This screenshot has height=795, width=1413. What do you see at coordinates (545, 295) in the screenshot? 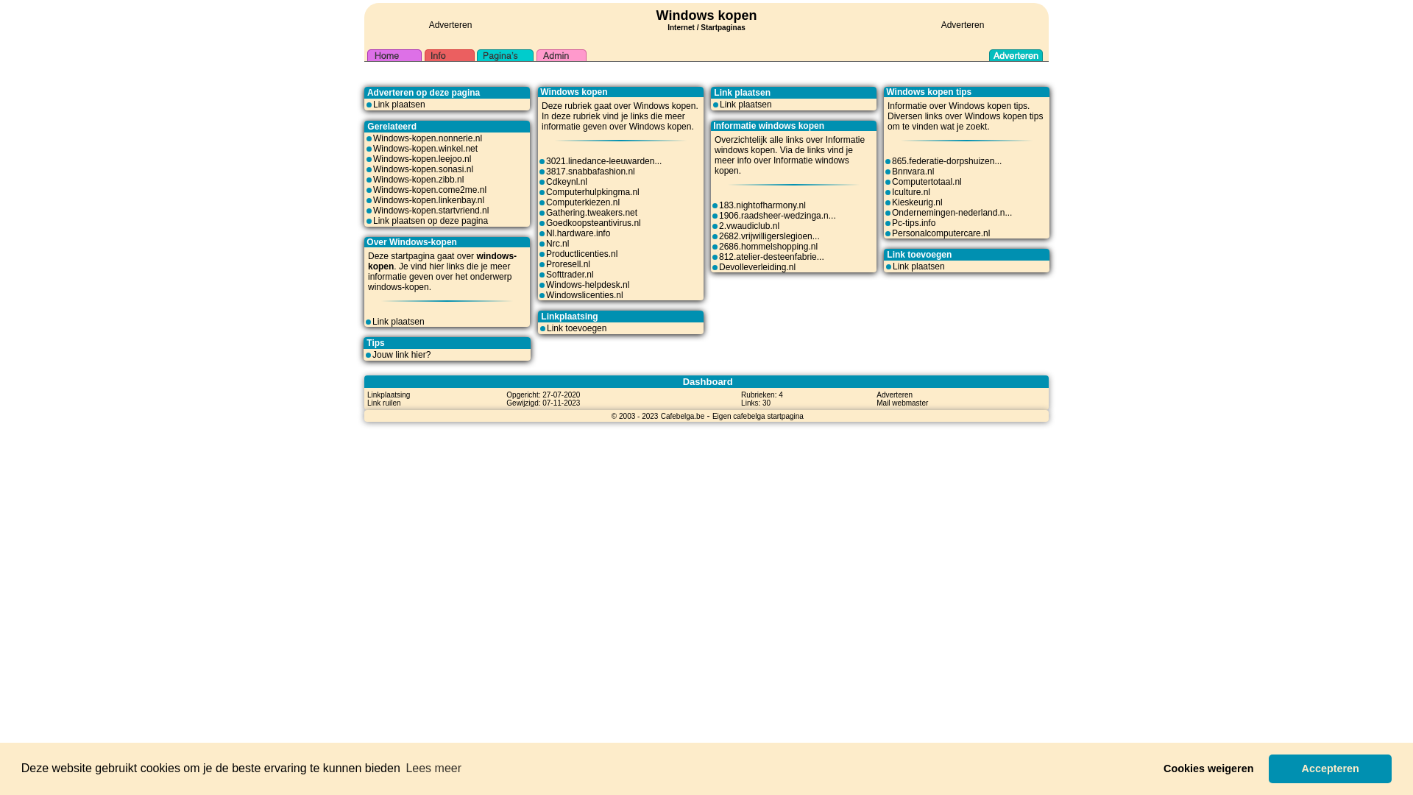
I see `'Windowslicenties.nl'` at bounding box center [545, 295].